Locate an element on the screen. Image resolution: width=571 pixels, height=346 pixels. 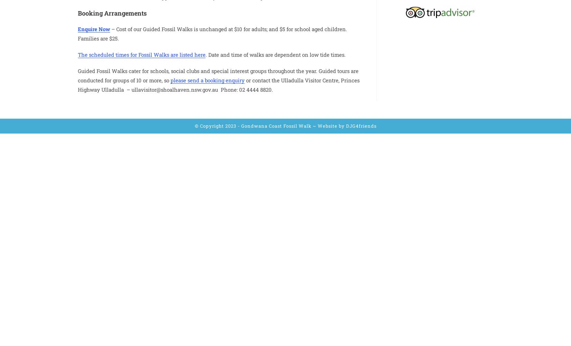
'– Cost of our Guided Fossil Walks is unchanged at $10 for adults; and $5 for school aged children. Families are $25.' is located at coordinates (212, 33).